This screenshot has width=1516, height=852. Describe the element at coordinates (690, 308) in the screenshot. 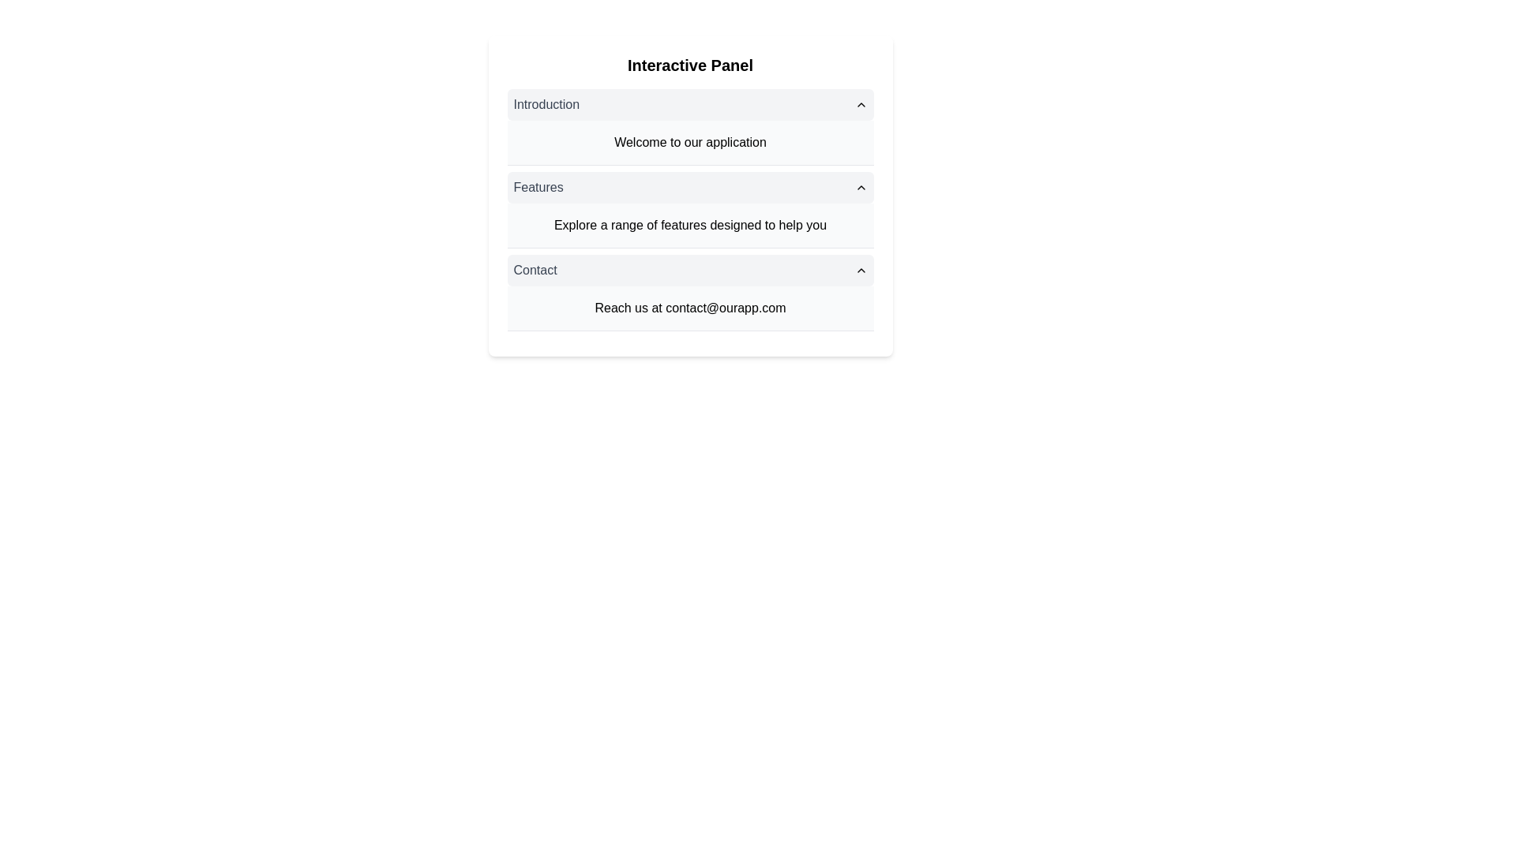

I see `the text box containing 'Reach us at contact@ourapp.com', which is styled with a light gray background and located below the 'Contact' section` at that location.